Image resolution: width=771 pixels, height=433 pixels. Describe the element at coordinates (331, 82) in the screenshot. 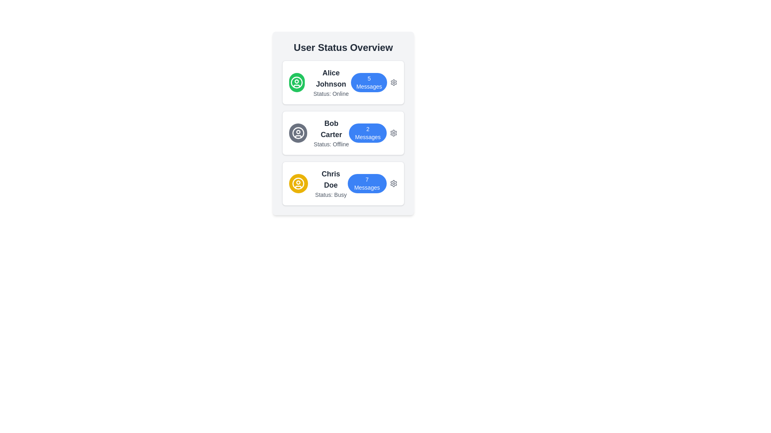

I see `text label displaying the user's name 'Alice Johnson' and their online status, which is located to the right of a green circular avatar and to the left of a blue button labeled '5 Messages'` at that location.